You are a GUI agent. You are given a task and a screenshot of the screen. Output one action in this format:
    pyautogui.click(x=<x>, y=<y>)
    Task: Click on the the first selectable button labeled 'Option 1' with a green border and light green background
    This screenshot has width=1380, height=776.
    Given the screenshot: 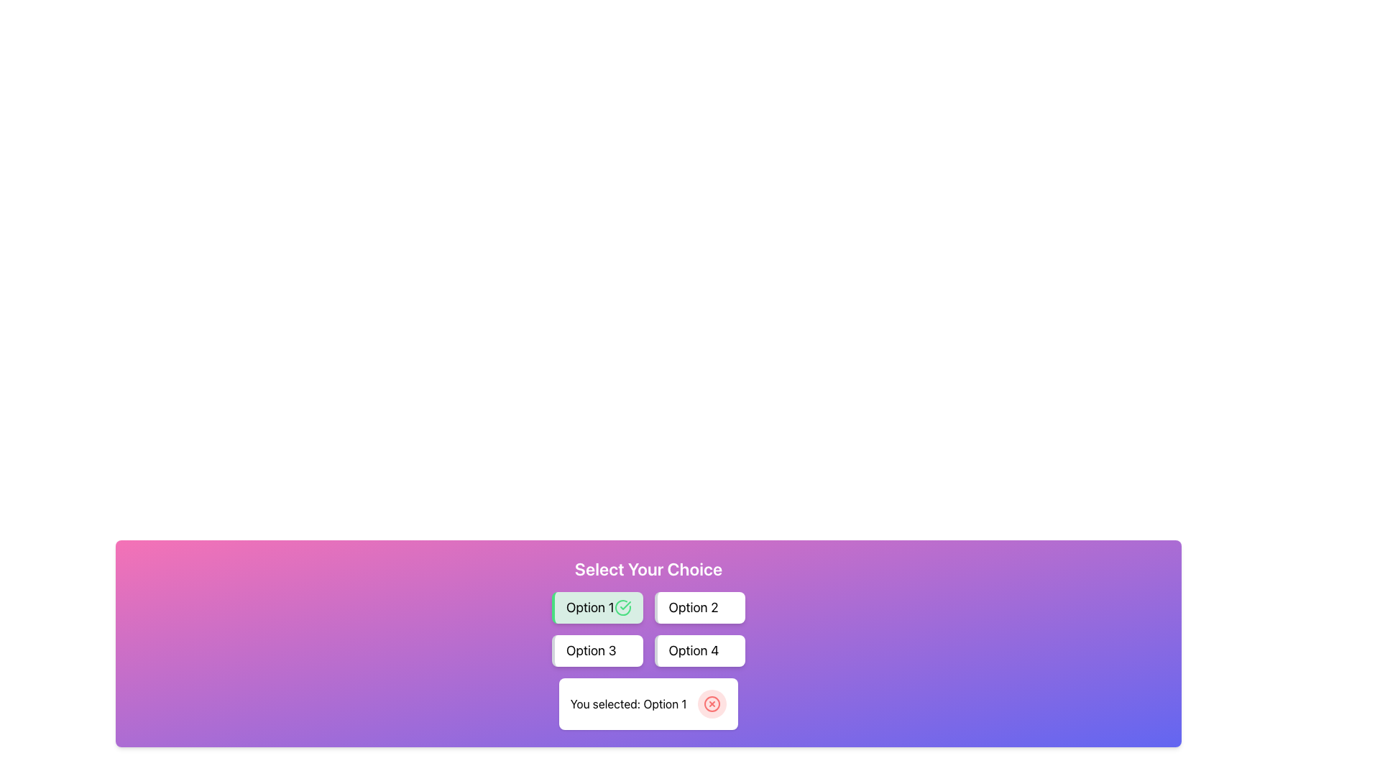 What is the action you would take?
    pyautogui.click(x=597, y=607)
    